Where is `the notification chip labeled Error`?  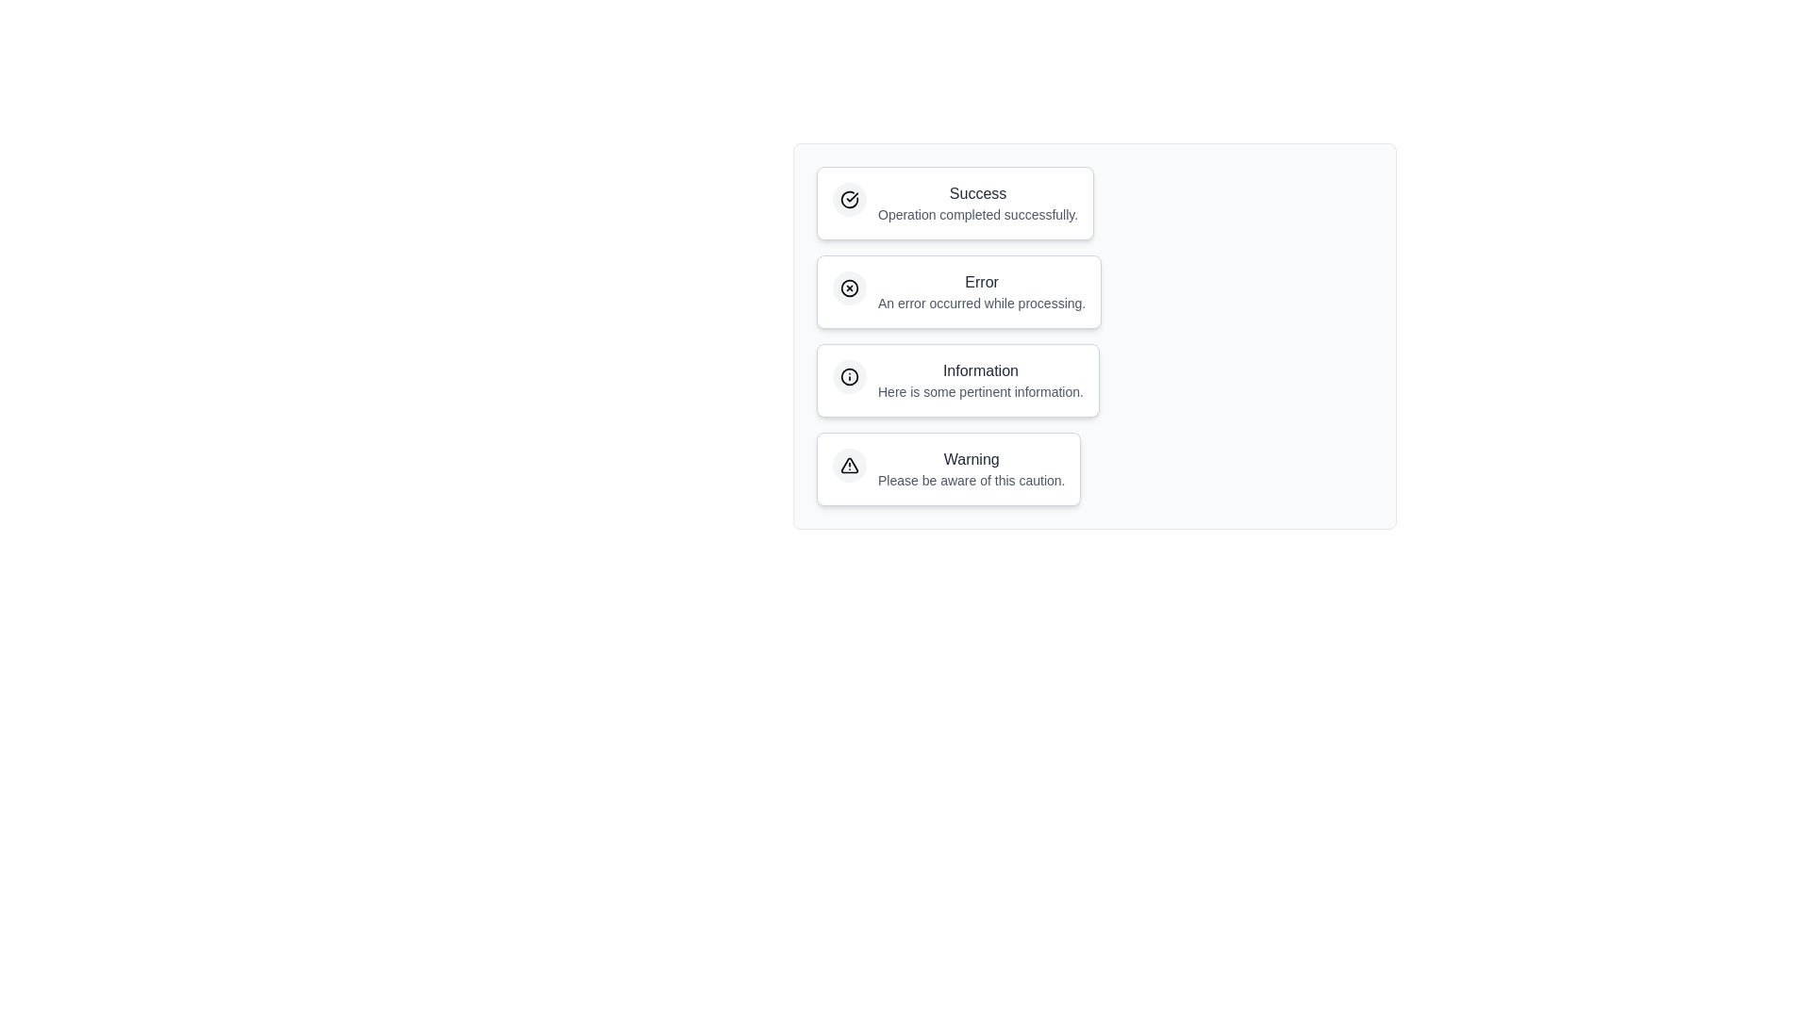 the notification chip labeled Error is located at coordinates (959, 291).